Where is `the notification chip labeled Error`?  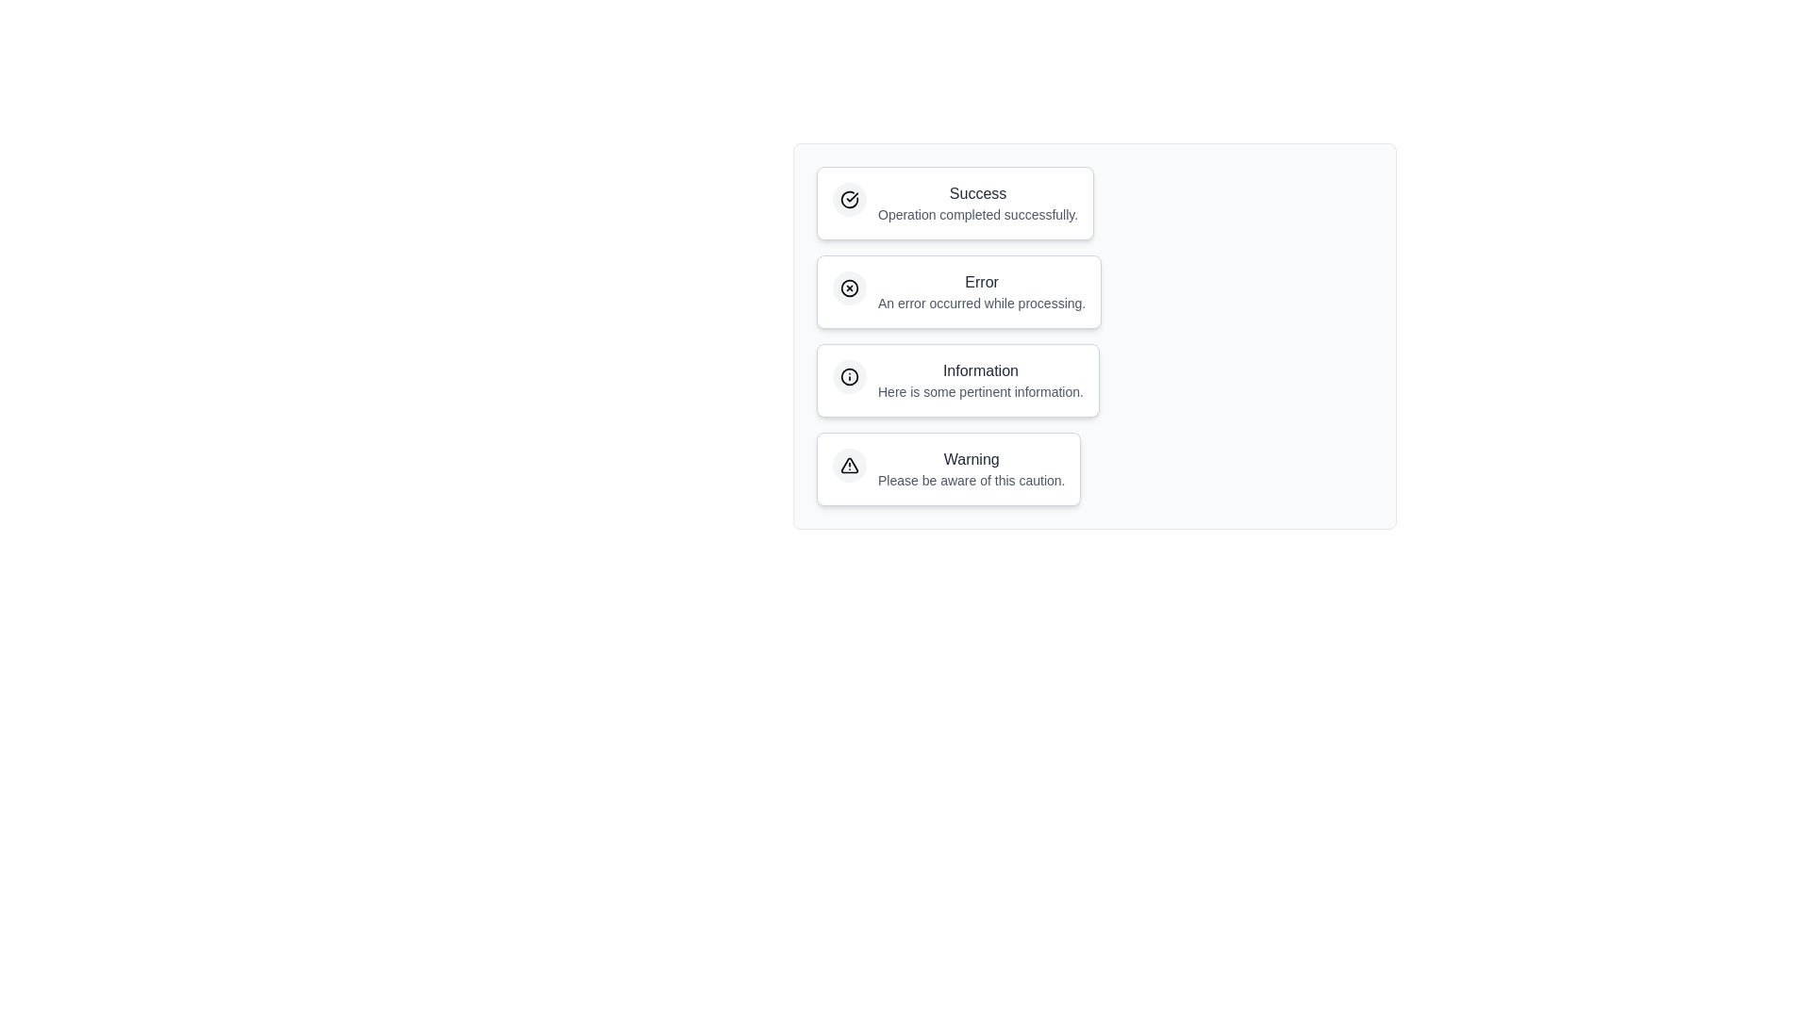 the notification chip labeled Error is located at coordinates (959, 291).